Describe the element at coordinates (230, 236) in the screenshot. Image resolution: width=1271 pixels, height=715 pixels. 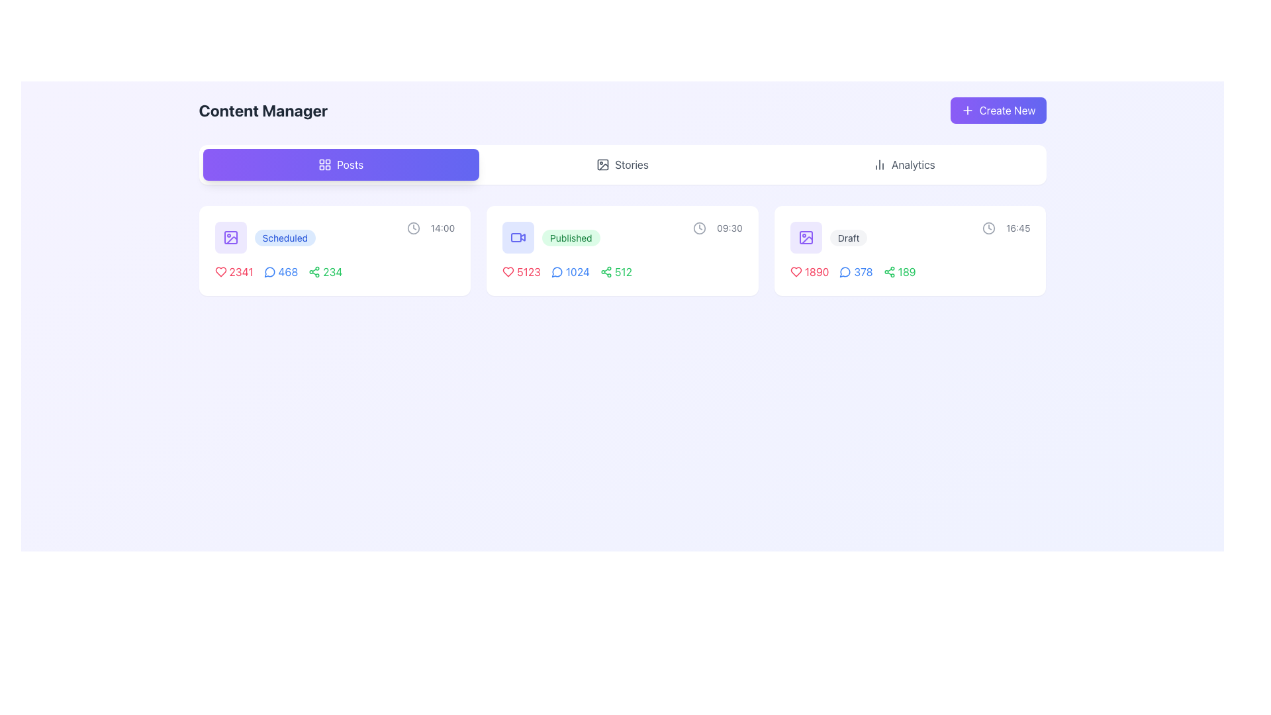
I see `the icon with a purple outline resembling an image, located inside the 'Scheduled' card in the top-left corner, which has a circular purple background` at that location.